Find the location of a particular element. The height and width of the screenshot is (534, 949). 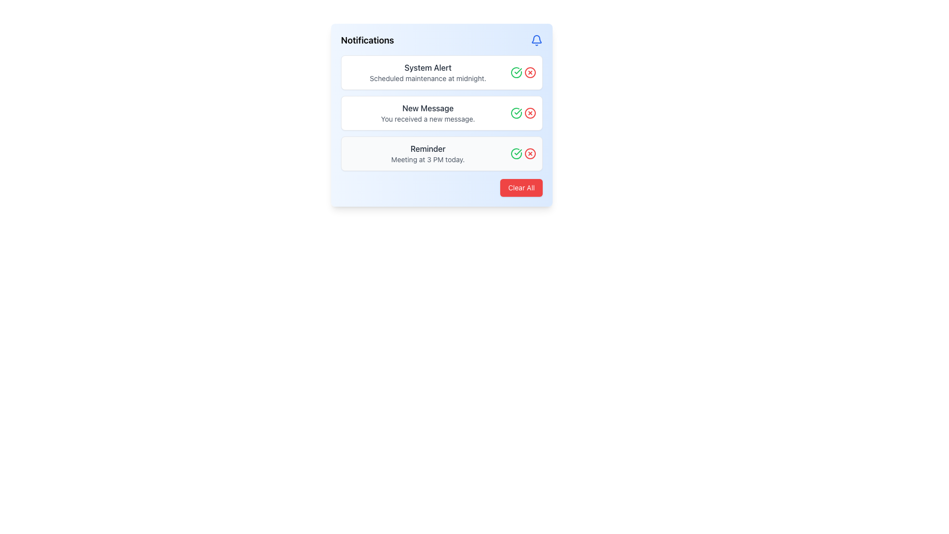

the 'System Alert' text display notification, which contains 'Scheduled maintenance at midnight.' is located at coordinates (428, 72).